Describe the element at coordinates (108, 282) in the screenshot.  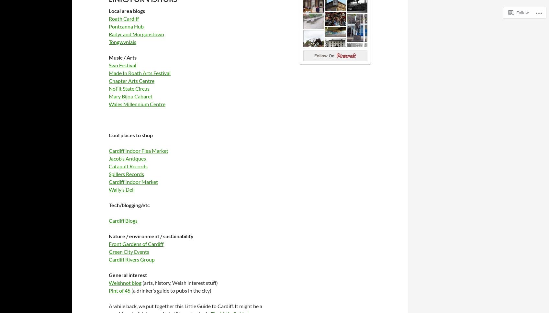
I see `'Welshnot blog'` at that location.